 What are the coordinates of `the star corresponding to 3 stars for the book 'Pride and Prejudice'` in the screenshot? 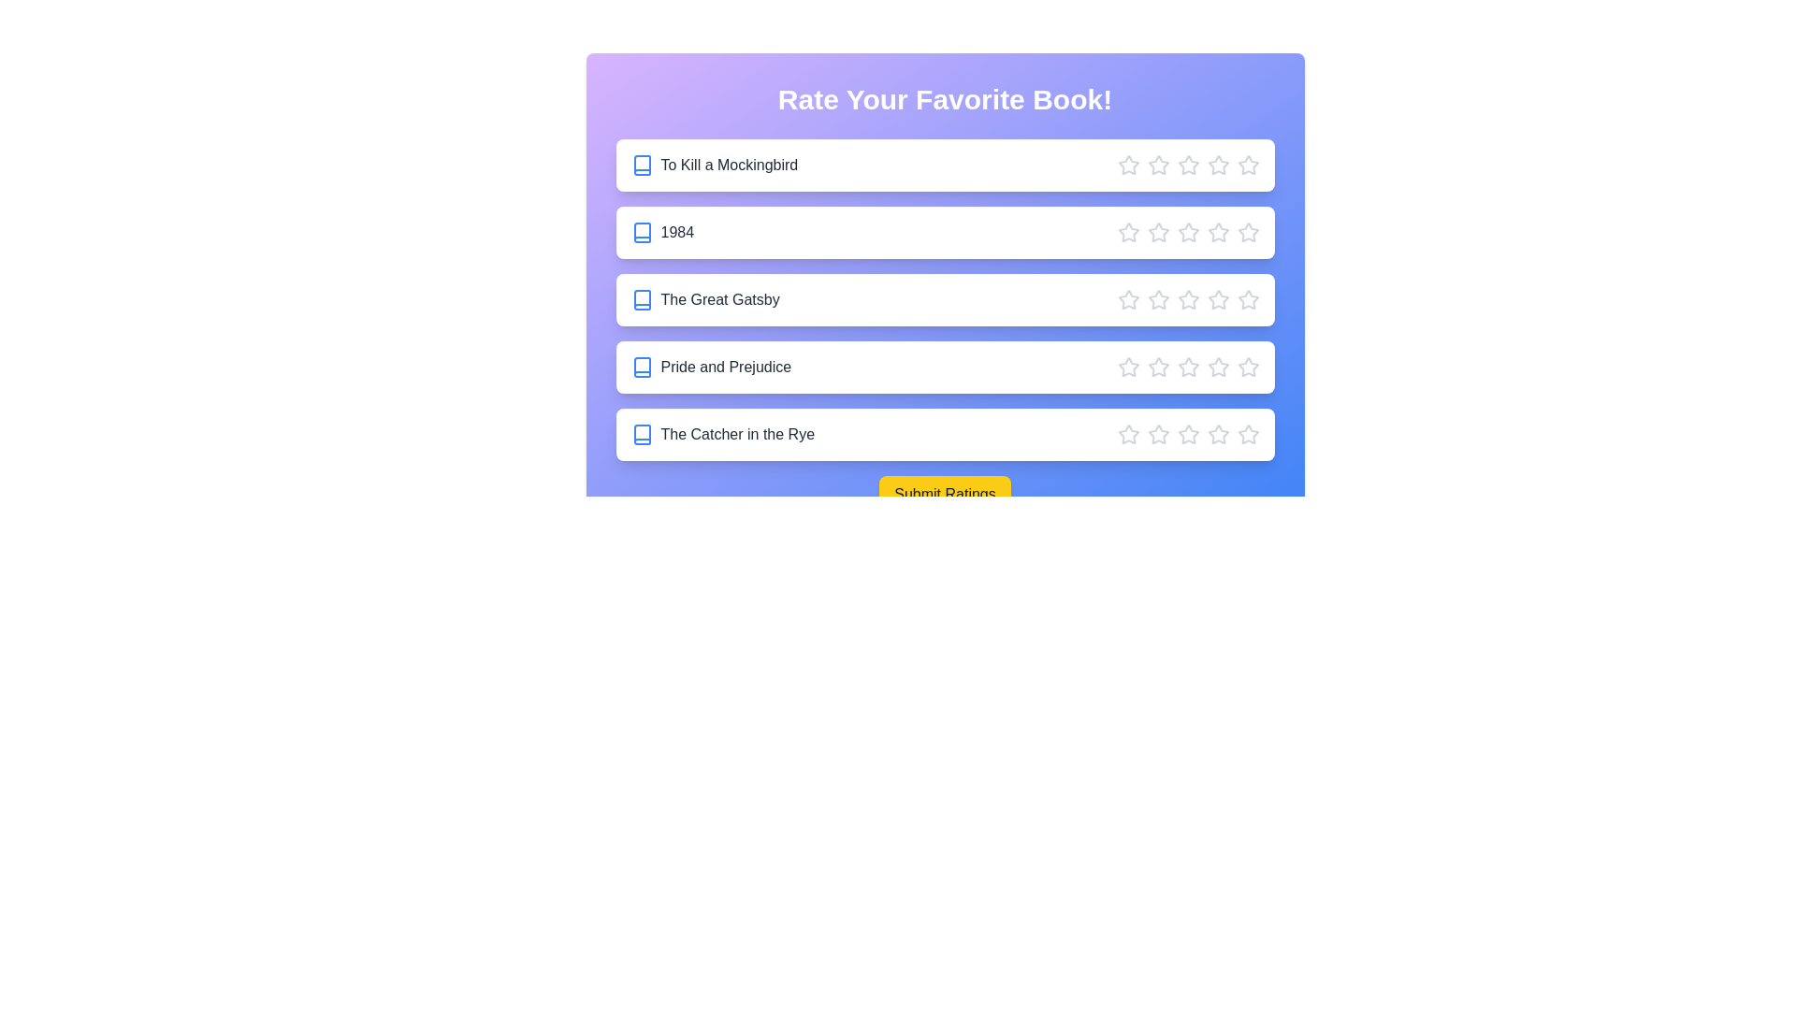 It's located at (1187, 368).